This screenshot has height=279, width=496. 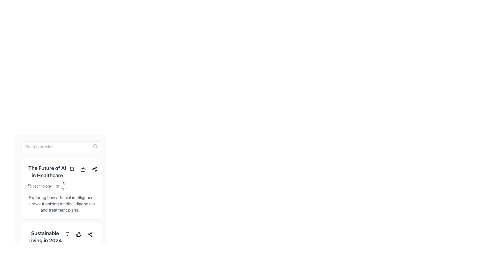 I want to click on the heading text 'The Future of AI in Healthcare', which is styled prominently in bold and larger font, located at the upper section of the article card, so click(x=47, y=172).